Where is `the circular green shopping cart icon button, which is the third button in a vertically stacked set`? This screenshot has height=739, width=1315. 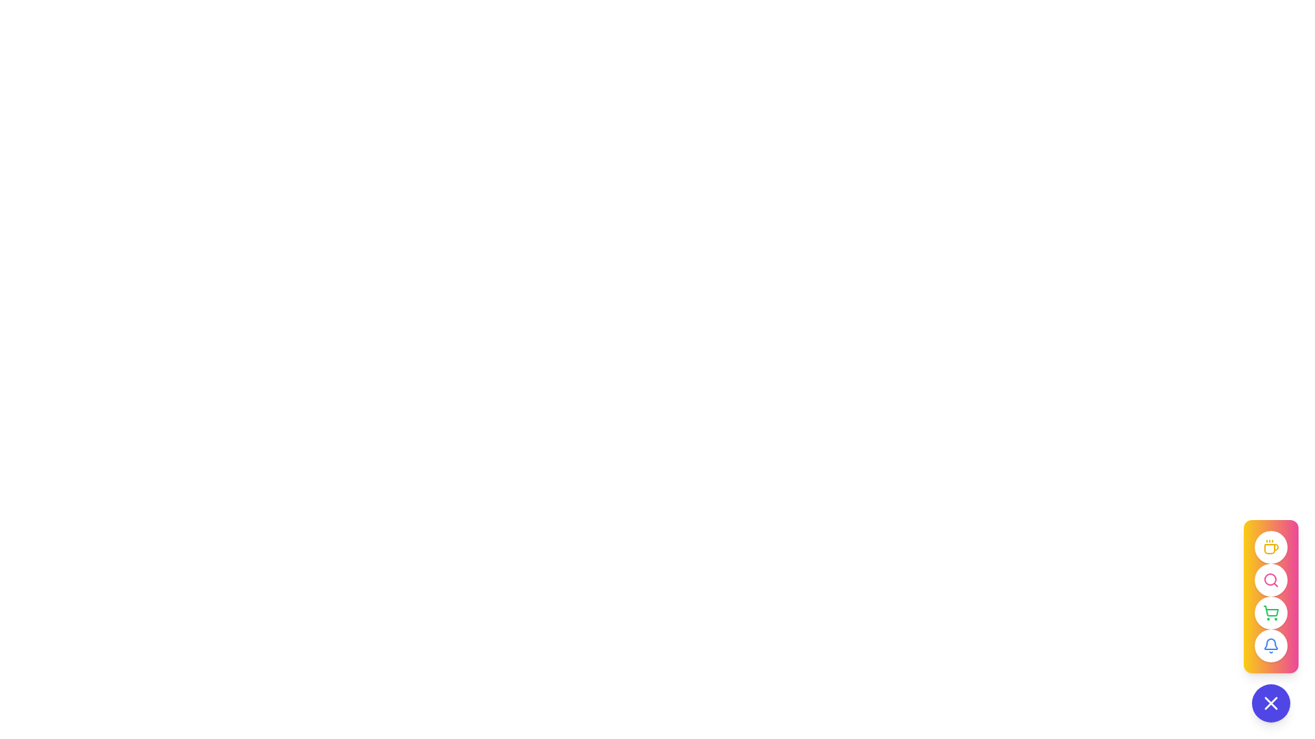
the circular green shopping cart icon button, which is the third button in a vertically stacked set is located at coordinates (1270, 595).